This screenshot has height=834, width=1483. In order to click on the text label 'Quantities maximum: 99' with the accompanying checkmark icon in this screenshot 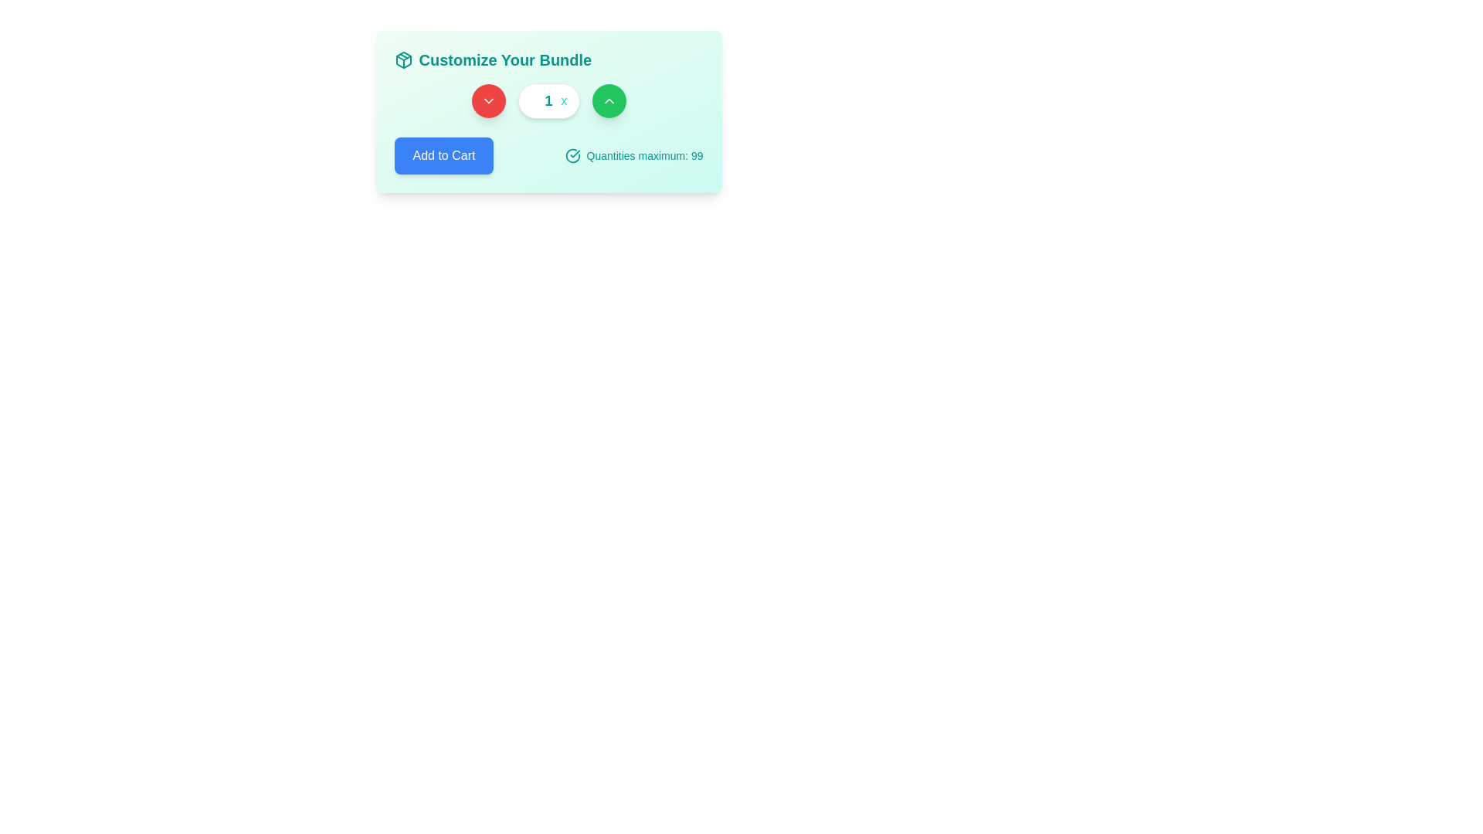, I will do `click(633, 155)`.